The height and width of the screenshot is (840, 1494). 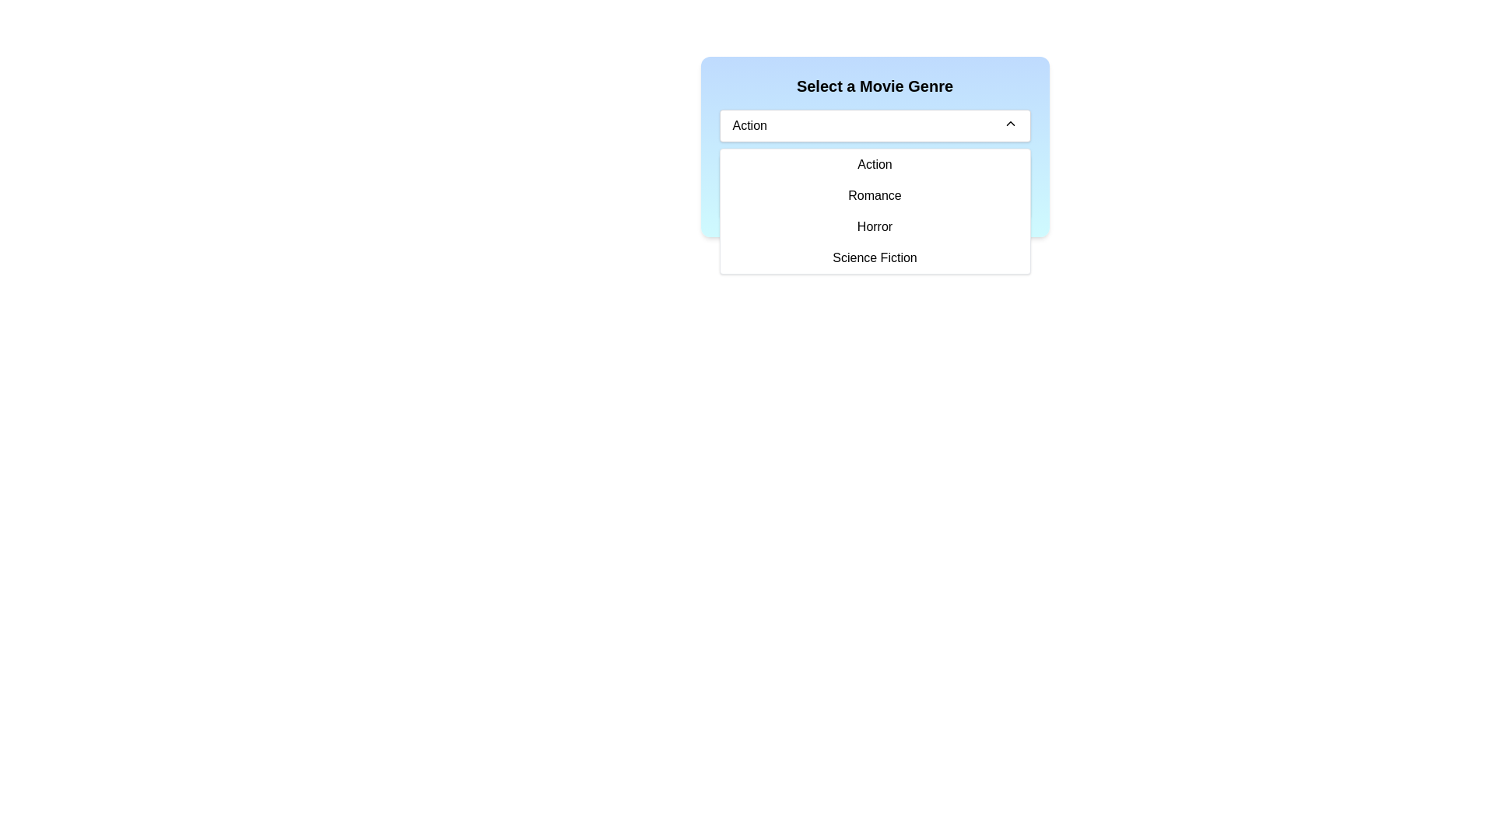 What do you see at coordinates (875, 165) in the screenshot?
I see `the first item in the dropdown menu below the 'Select a Movie Genre' button` at bounding box center [875, 165].